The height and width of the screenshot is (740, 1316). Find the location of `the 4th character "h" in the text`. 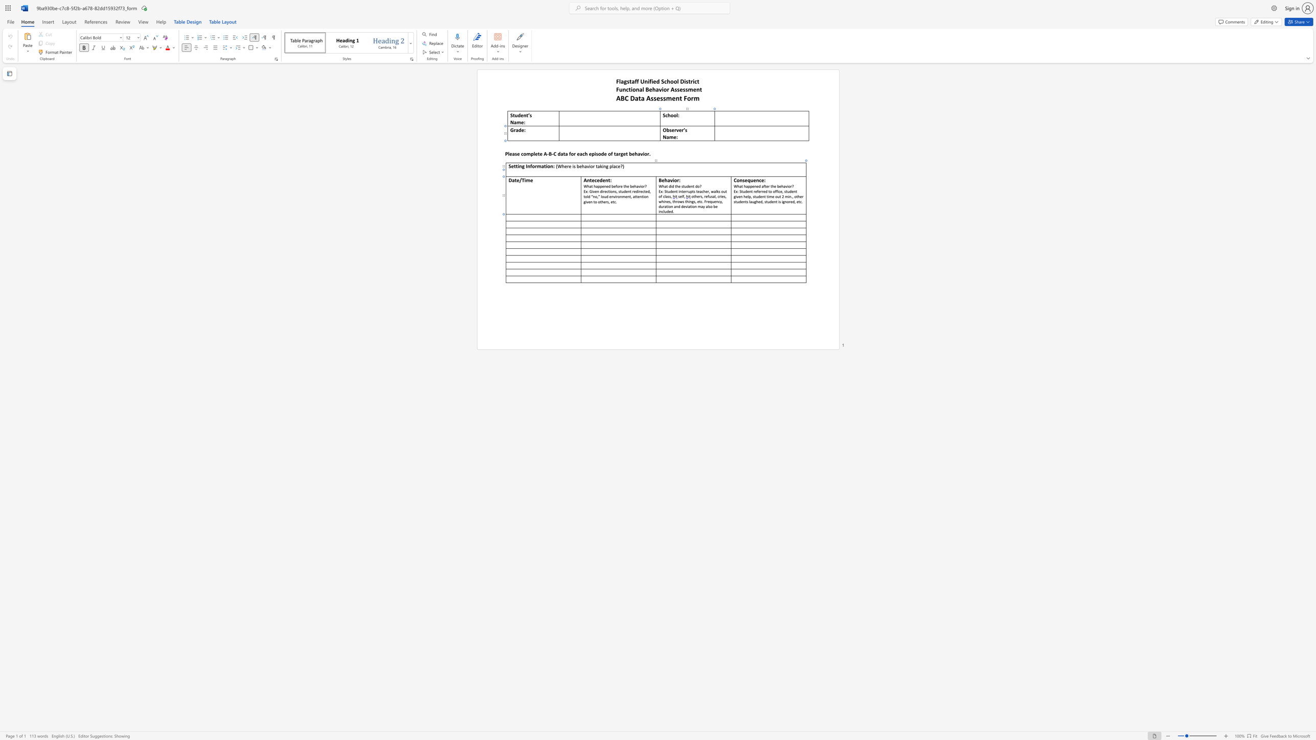

the 4th character "h" in the text is located at coordinates (782, 186).